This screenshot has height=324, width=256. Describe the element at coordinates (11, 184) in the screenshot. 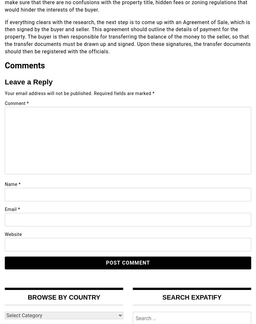

I see `'Name'` at that location.